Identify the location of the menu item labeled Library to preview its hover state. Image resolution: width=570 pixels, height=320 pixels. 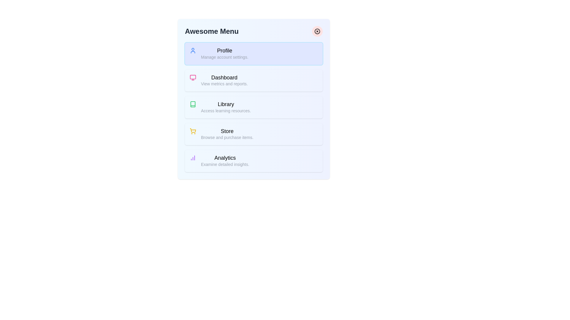
(254, 107).